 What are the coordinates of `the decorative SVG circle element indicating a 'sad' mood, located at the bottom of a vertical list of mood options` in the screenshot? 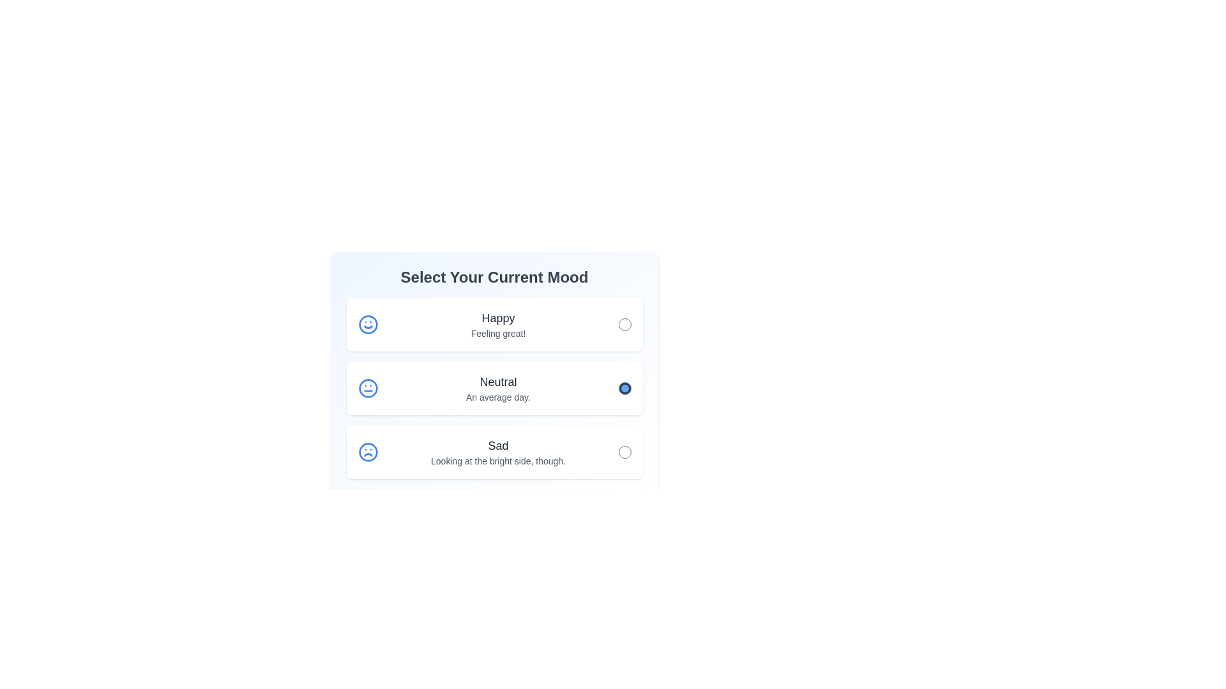 It's located at (367, 452).